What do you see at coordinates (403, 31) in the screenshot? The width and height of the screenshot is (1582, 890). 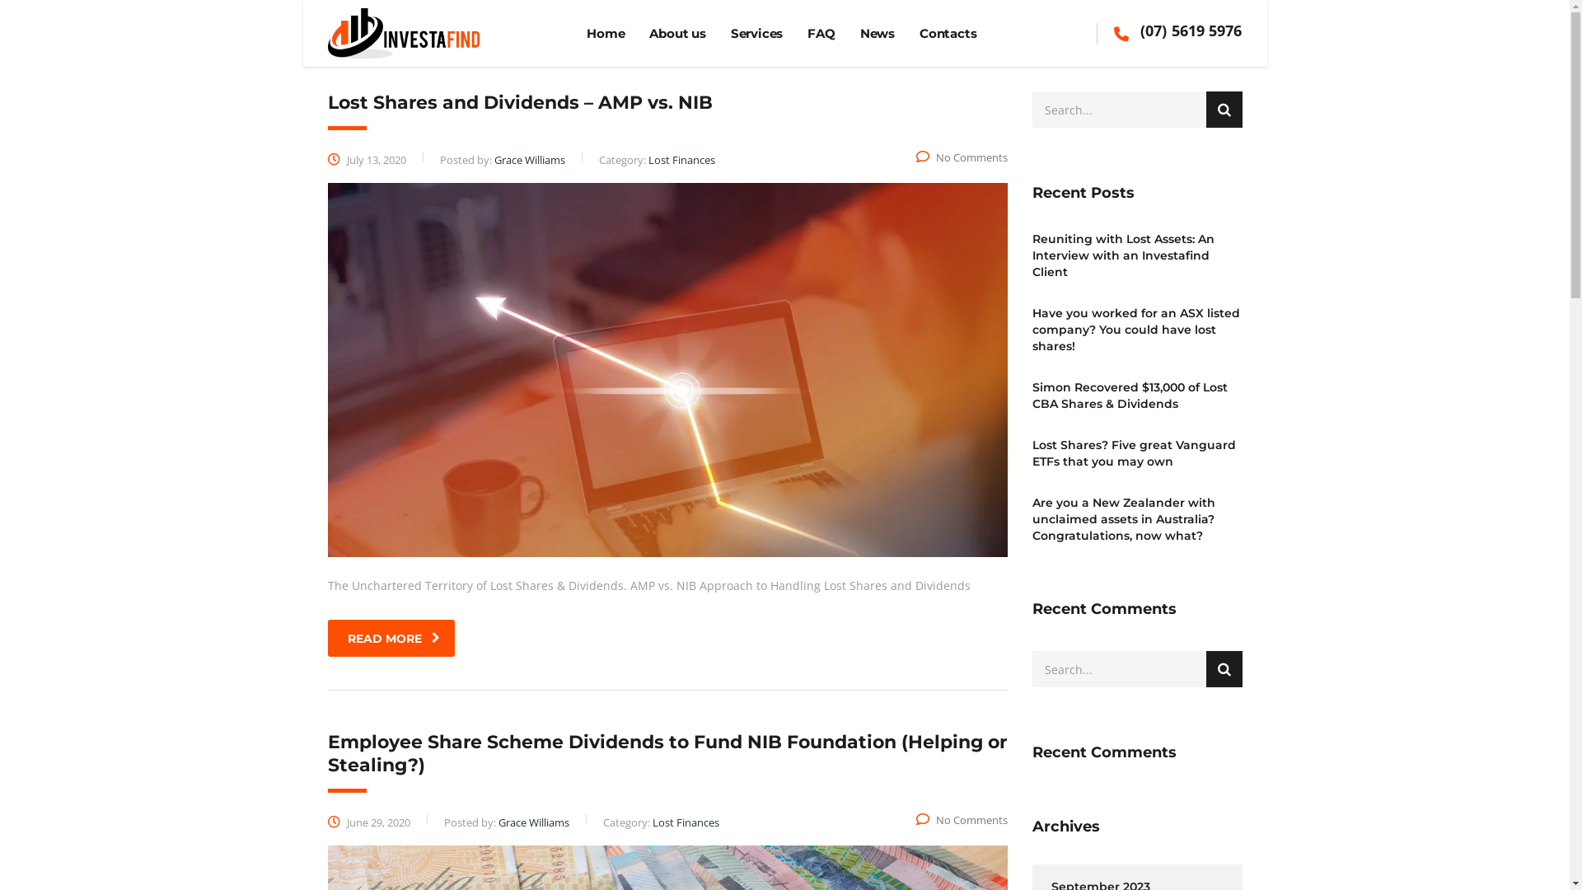 I see `'Investafind'` at bounding box center [403, 31].